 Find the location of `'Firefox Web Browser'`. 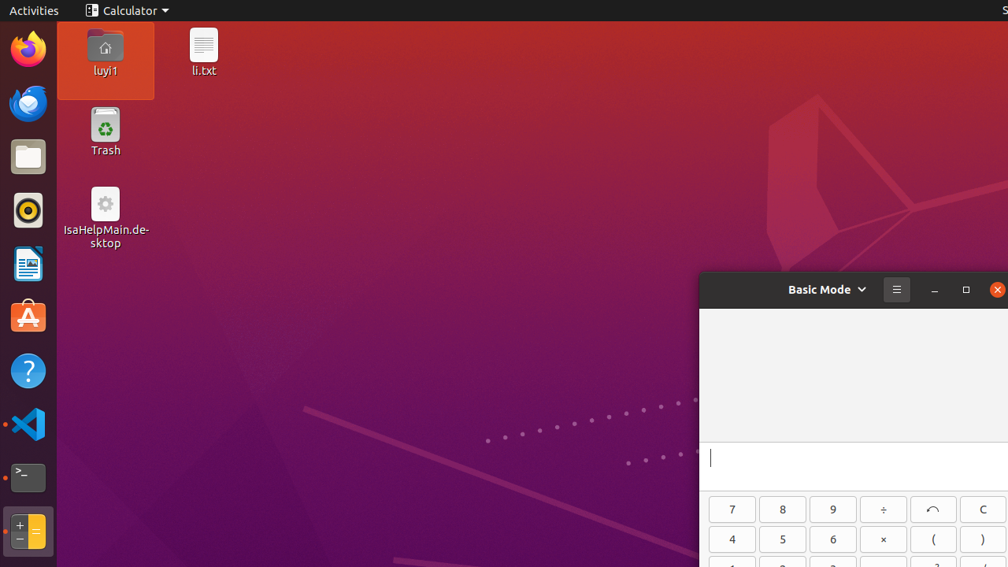

'Firefox Web Browser' is located at coordinates (28, 48).